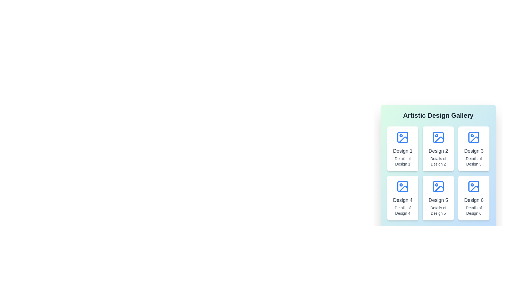 The width and height of the screenshot is (525, 295). Describe the element at coordinates (403, 186) in the screenshot. I see `the blue rectangular shape with rounded corners that is part of the SVG image representing an image placeholder, located in the top-left of the fourth tile in a 2x3 grid layout near the 'Design 4' label` at that location.